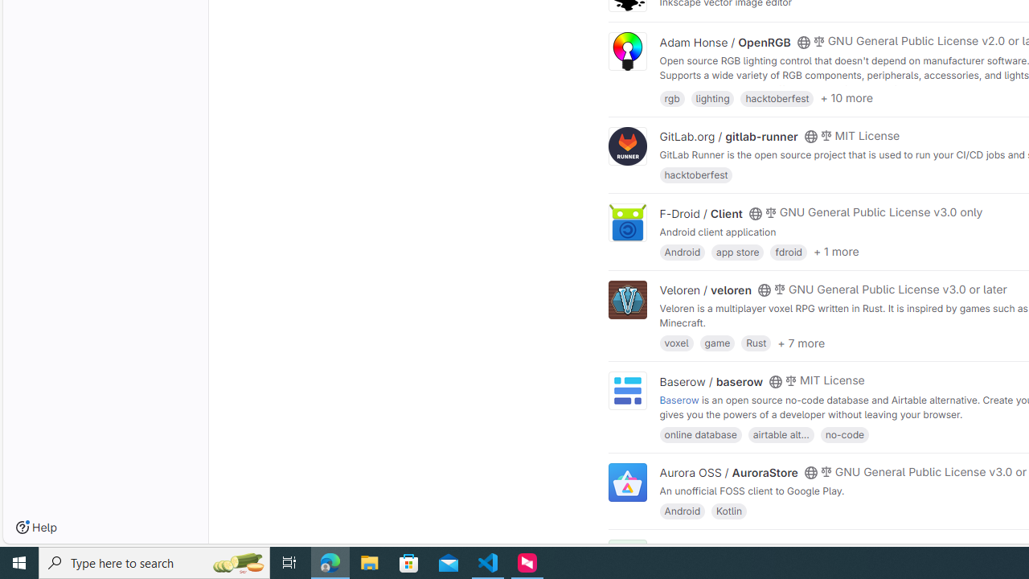  Describe the element at coordinates (236, 561) in the screenshot. I see `'Search highlights icon opens search home window'` at that location.